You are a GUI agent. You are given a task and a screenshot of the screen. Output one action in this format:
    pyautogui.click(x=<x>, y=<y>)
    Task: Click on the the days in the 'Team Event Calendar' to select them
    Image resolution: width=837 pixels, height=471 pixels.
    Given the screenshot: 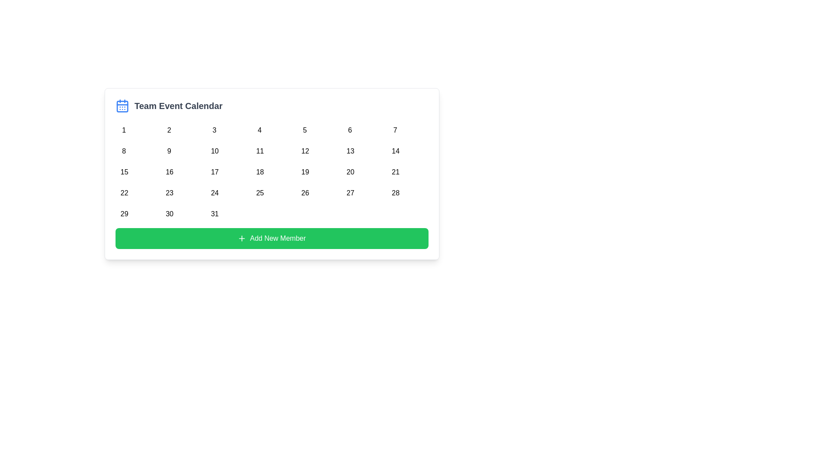 What is the action you would take?
    pyautogui.click(x=271, y=174)
    